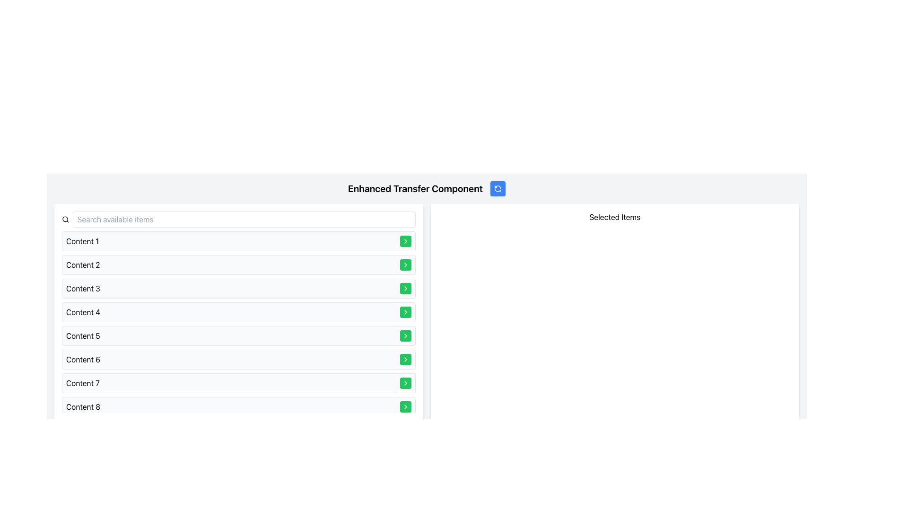 The width and height of the screenshot is (908, 511). Describe the element at coordinates (405, 383) in the screenshot. I see `the green rounded button with a white right arrow icon, aligned with 'Content 7'` at that location.